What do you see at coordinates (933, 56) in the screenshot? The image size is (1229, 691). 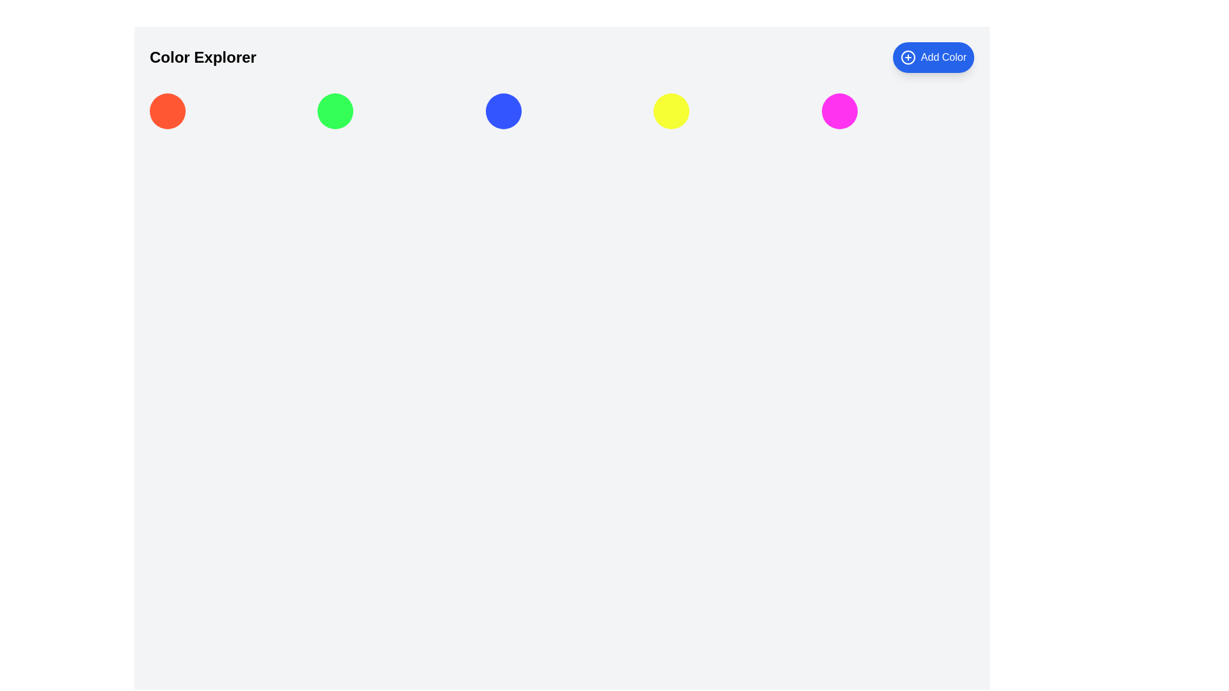 I see `the blue button with rounded edges labeled 'Add Color'` at bounding box center [933, 56].